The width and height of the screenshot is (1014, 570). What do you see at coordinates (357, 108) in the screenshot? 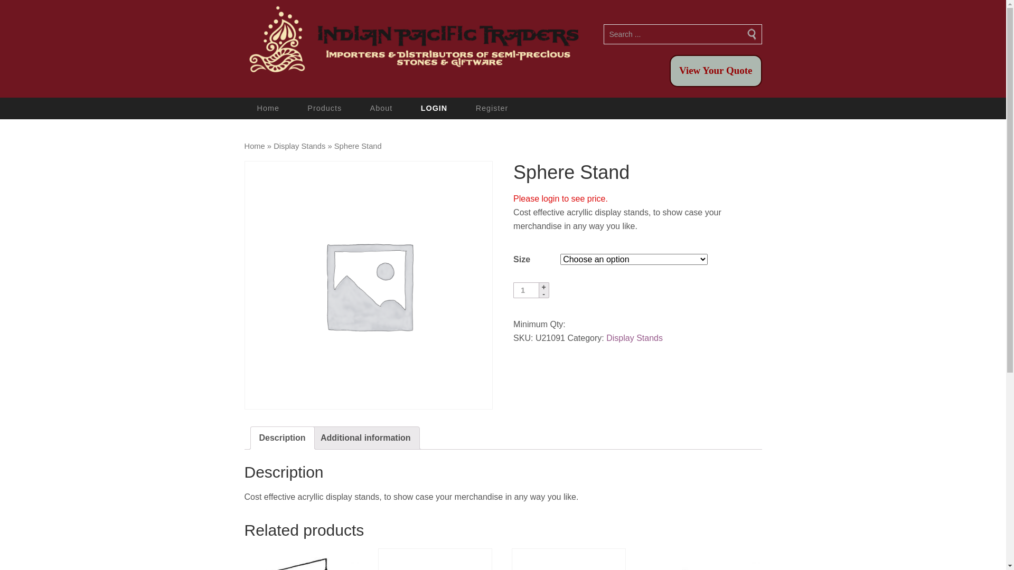
I see `'About'` at bounding box center [357, 108].